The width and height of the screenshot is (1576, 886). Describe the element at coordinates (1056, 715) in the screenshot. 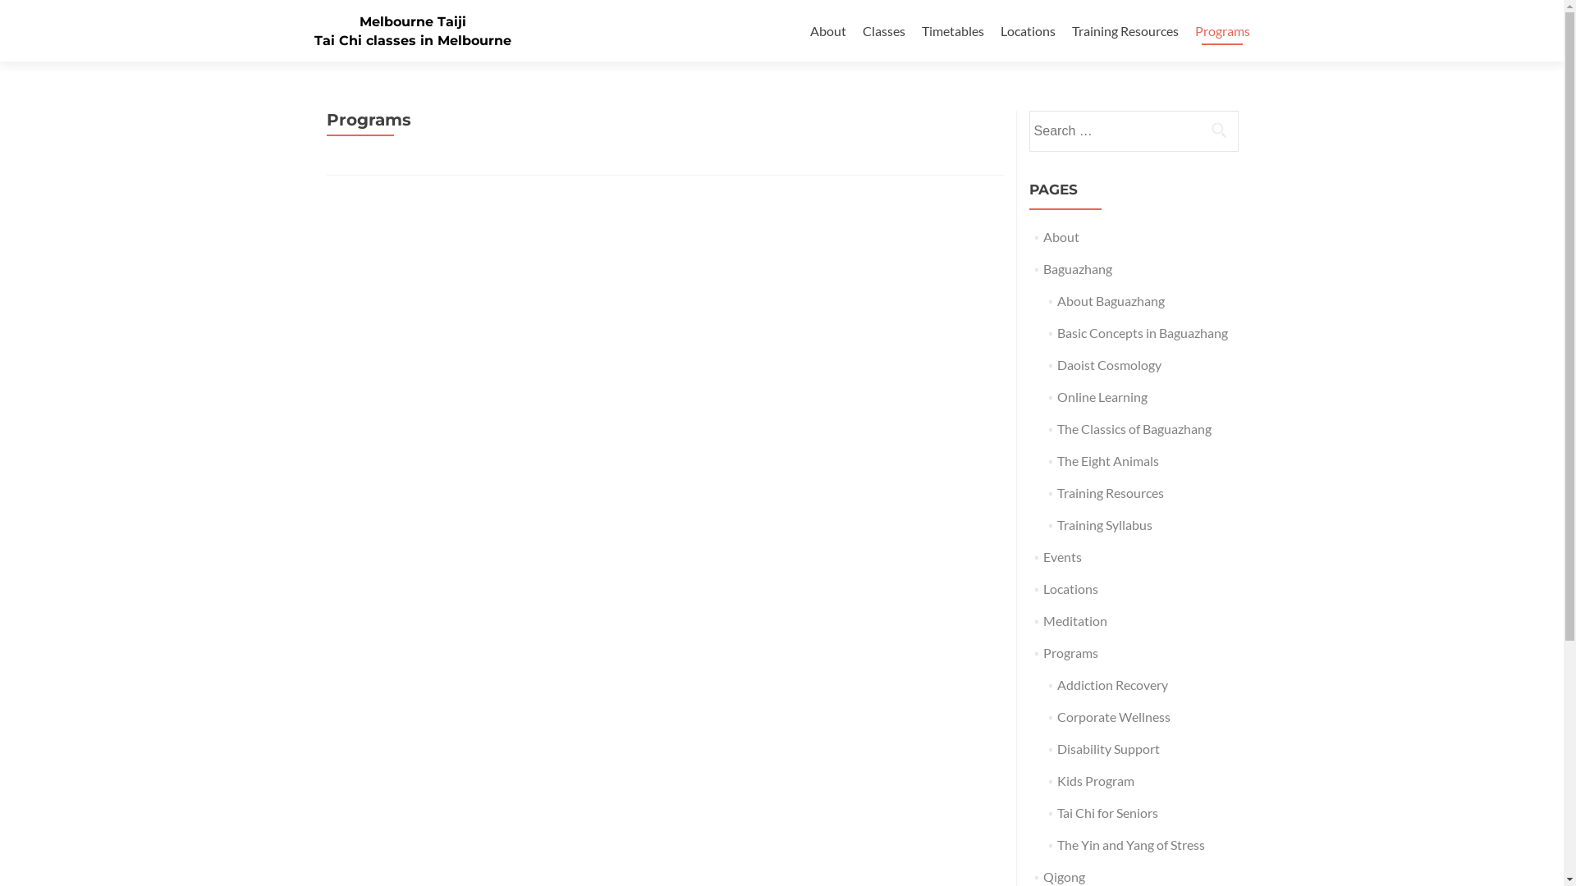

I see `'Corporate Wellness'` at that location.